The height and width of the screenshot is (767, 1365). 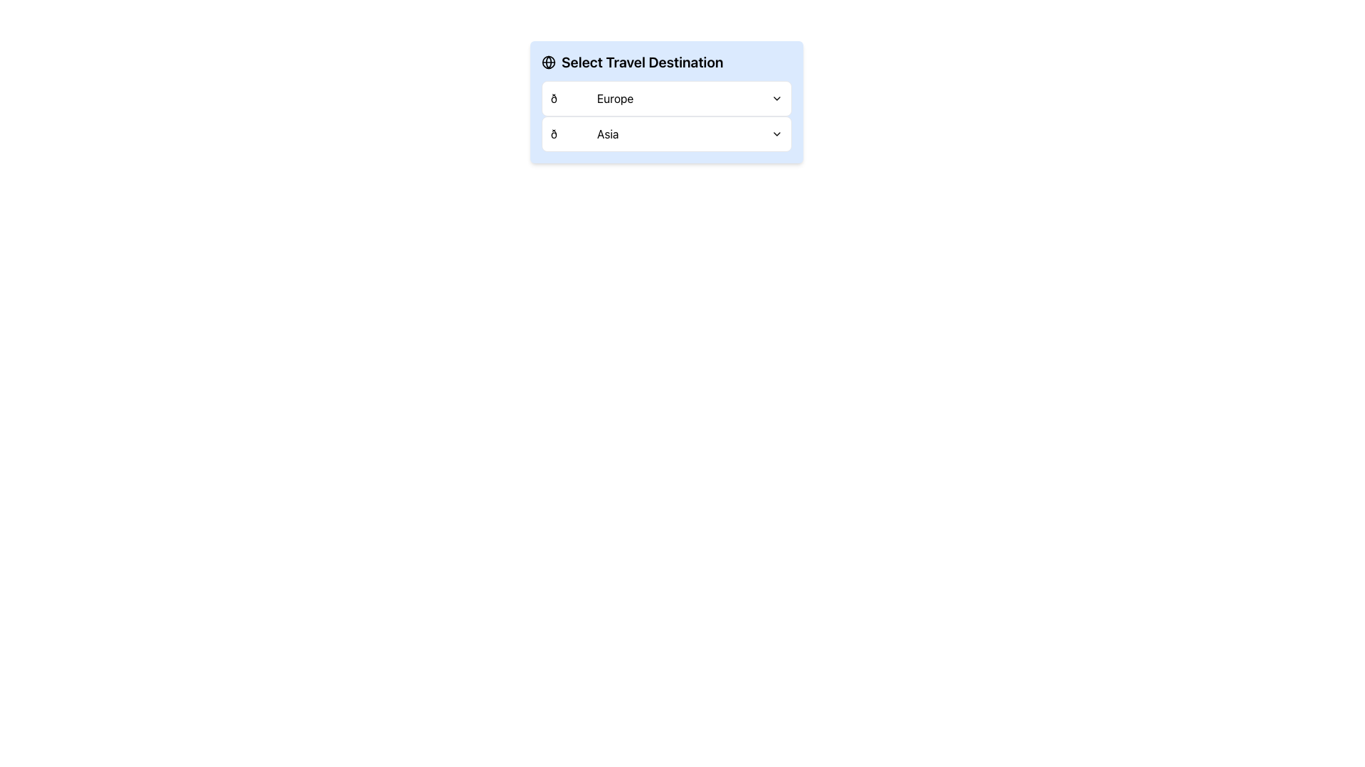 I want to click on the text label displaying 'Asia', which is part of a dropdown menu and positioned below the 'Europe' option, with a globe emoji to its left, so click(x=608, y=134).